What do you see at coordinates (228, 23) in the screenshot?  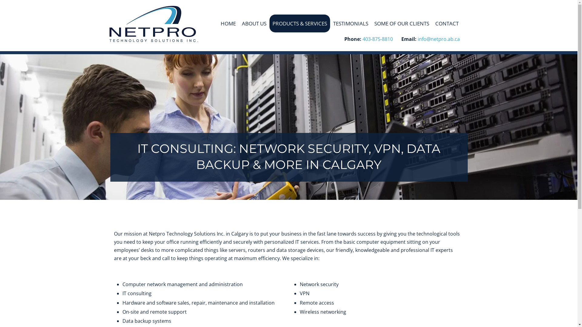 I see `'HOME'` at bounding box center [228, 23].